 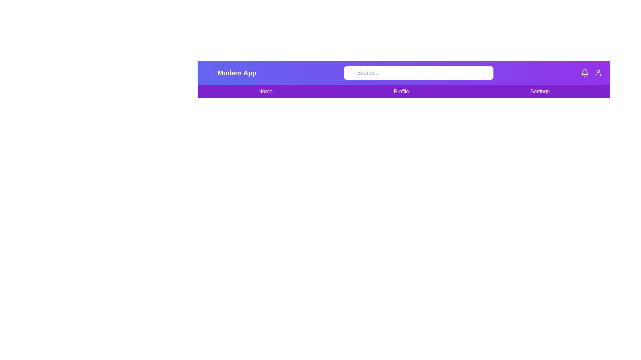 I want to click on the search bar and type the text 'example', so click(x=418, y=73).